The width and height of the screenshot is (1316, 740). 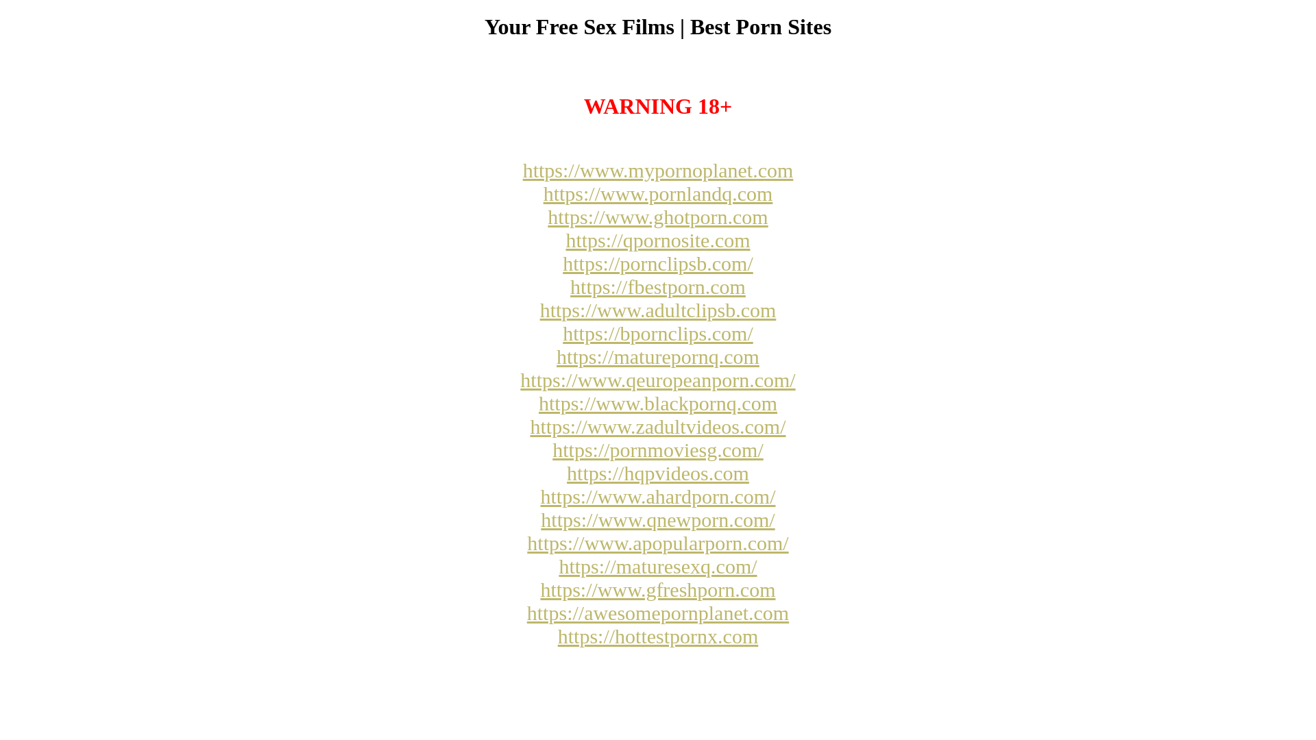 I want to click on 'https://fbestporn.com', so click(x=658, y=286).